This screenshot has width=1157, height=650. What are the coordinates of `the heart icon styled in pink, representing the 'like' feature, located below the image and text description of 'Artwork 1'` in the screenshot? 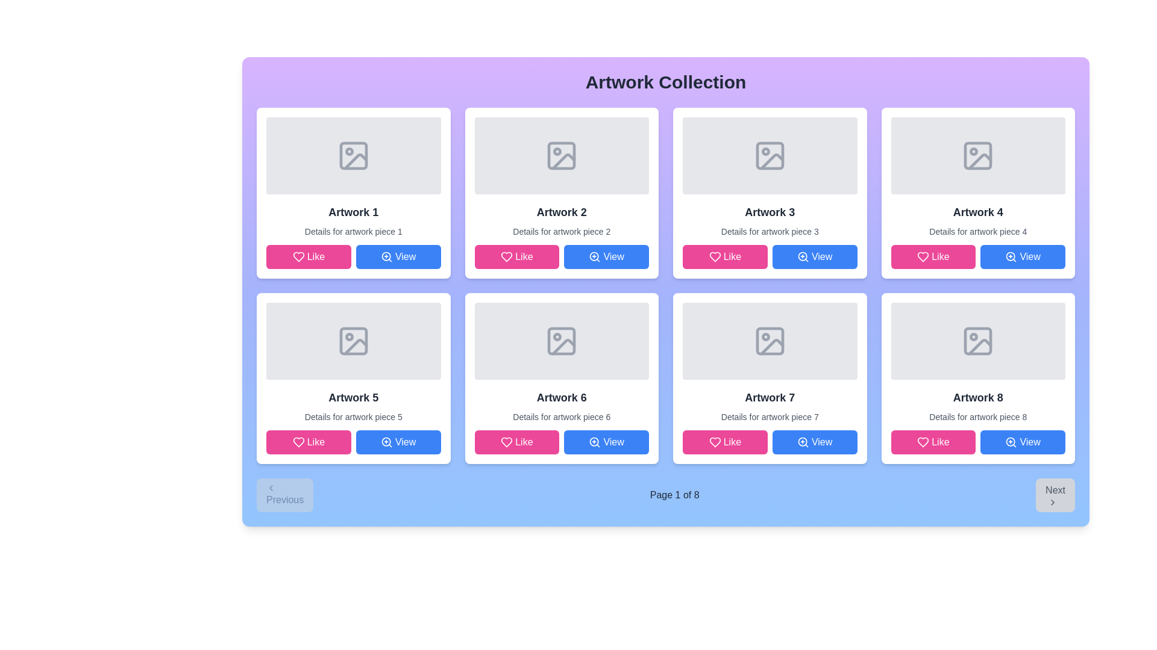 It's located at (298, 256).